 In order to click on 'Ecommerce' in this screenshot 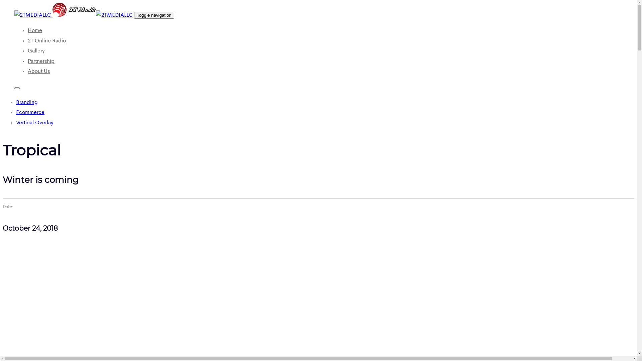, I will do `click(30, 112)`.